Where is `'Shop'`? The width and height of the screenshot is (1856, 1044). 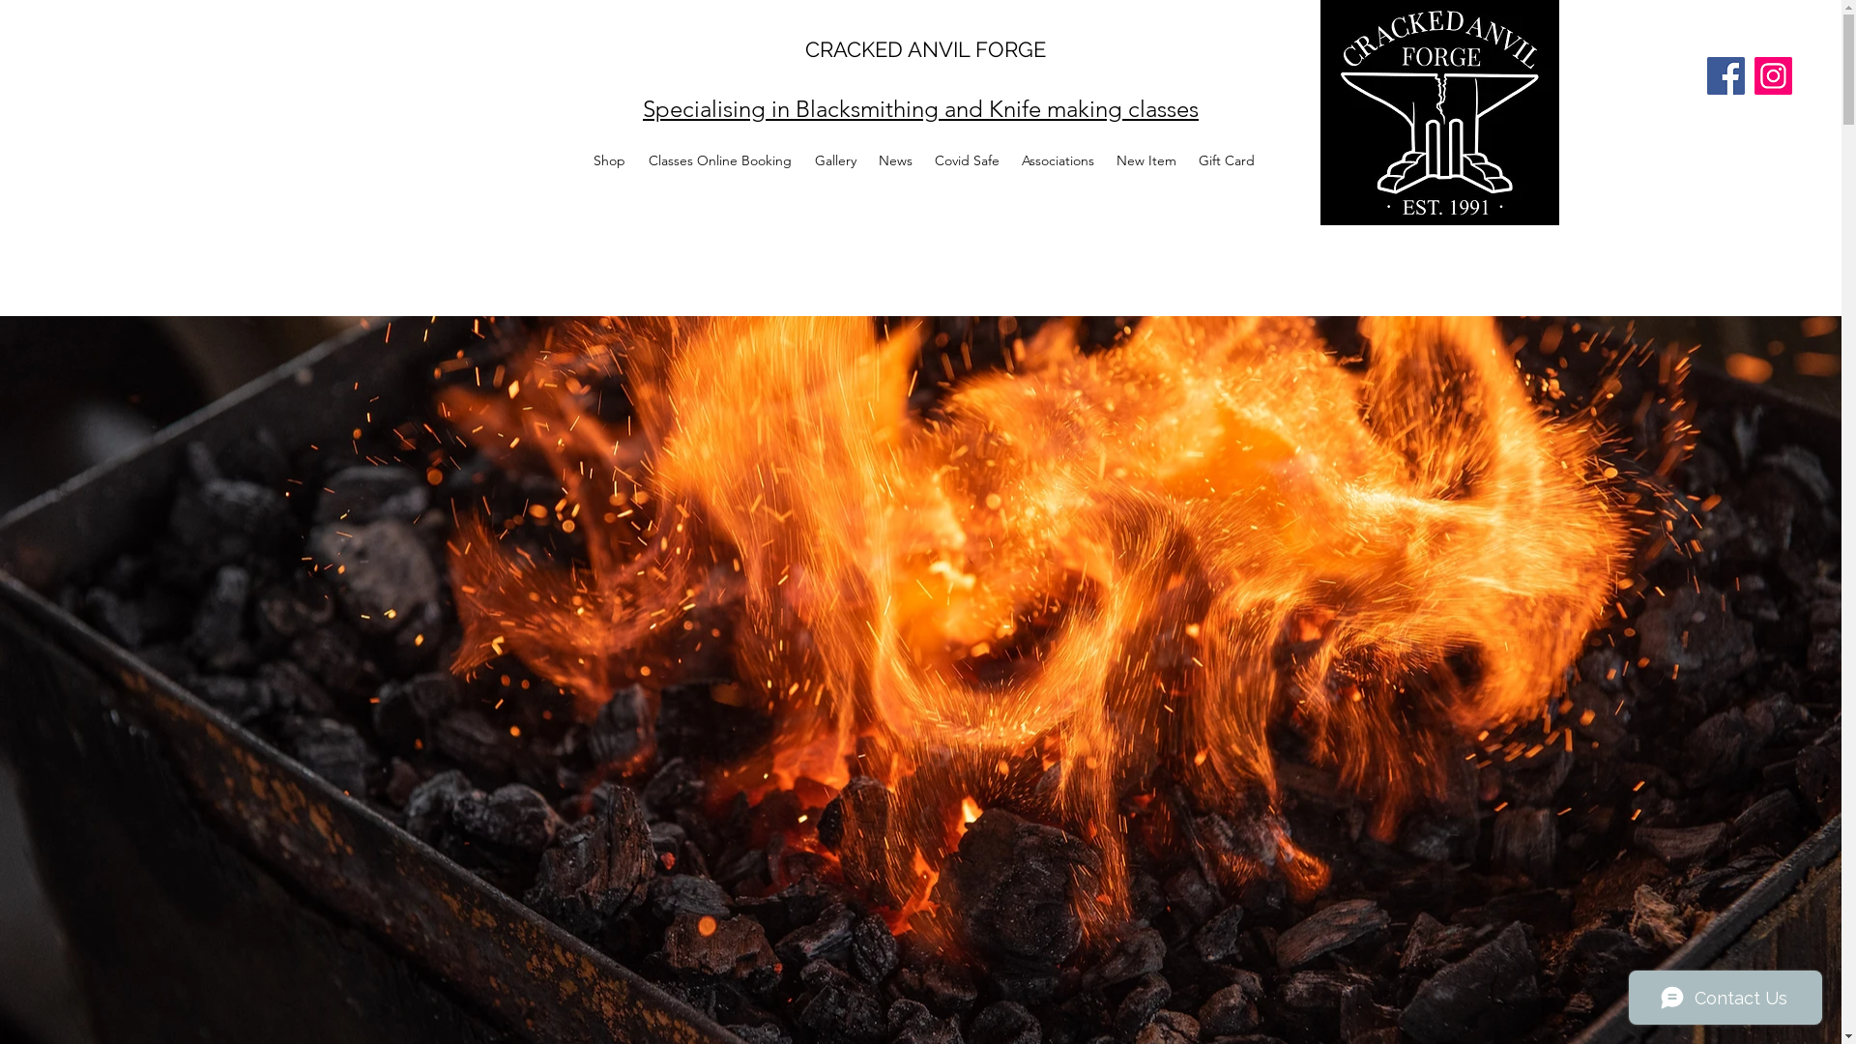 'Shop' is located at coordinates (580, 159).